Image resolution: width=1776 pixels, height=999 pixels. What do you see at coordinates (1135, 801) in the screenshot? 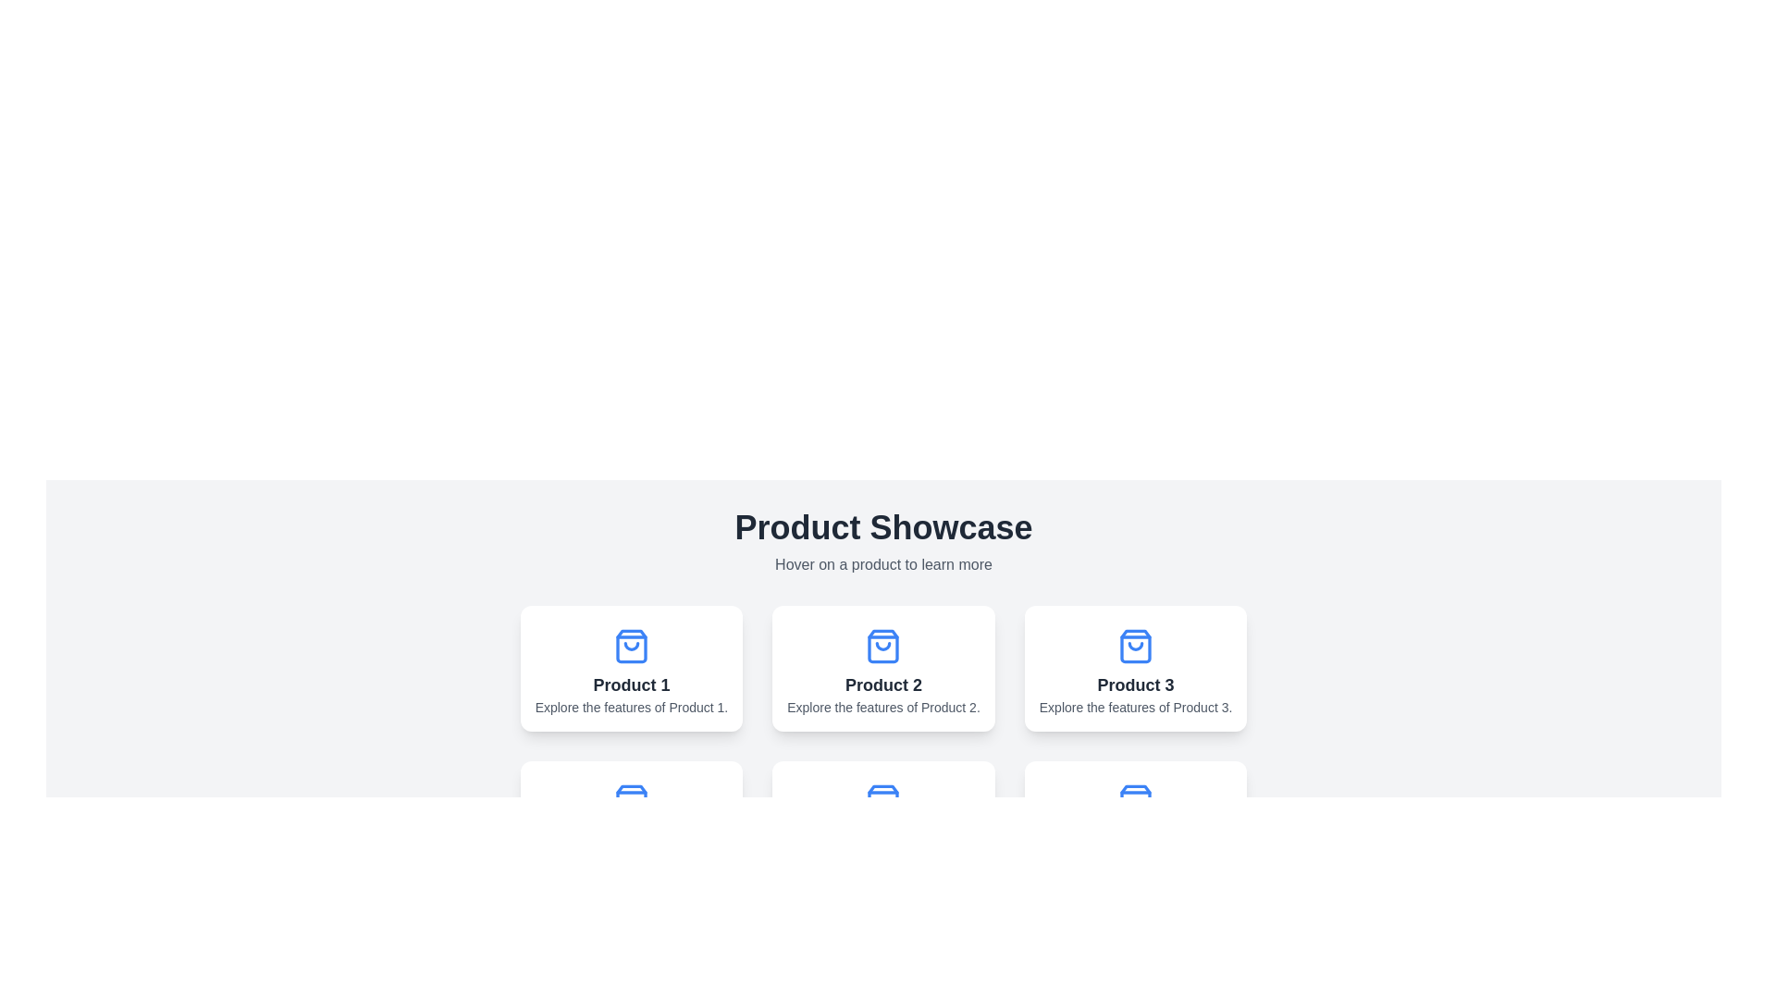
I see `the shopping bag icon at the top center of the 'Product 6' card, which is designed with a clean modern vector style and blue color fill` at bounding box center [1135, 801].